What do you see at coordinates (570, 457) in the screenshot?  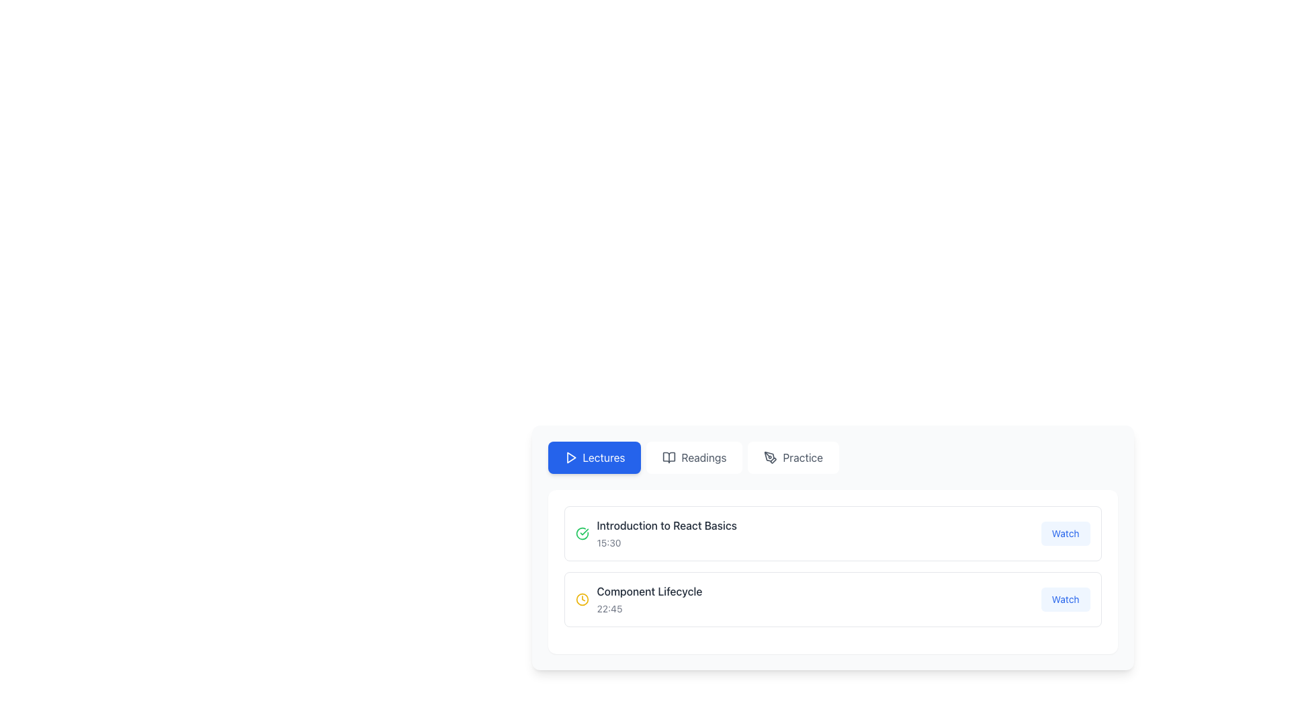 I see `the play icon located in the top-left corner of the Lectures button on the navigation bar to initiate the play action` at bounding box center [570, 457].